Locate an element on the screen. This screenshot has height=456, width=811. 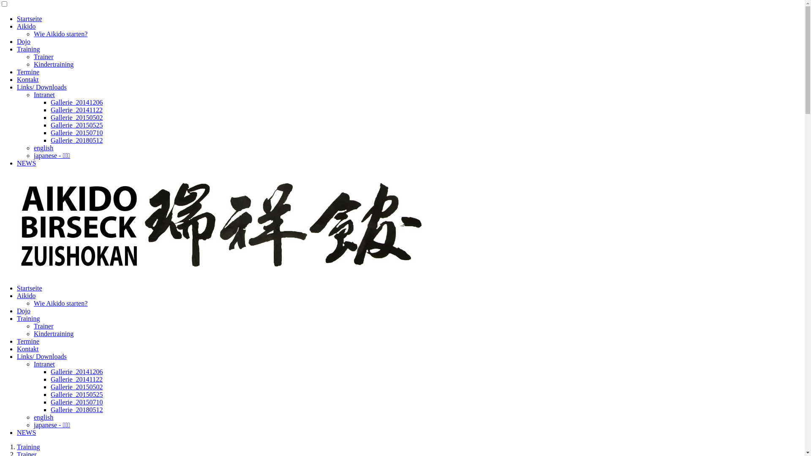
'Wie Aikido starten?' is located at coordinates (60, 33).